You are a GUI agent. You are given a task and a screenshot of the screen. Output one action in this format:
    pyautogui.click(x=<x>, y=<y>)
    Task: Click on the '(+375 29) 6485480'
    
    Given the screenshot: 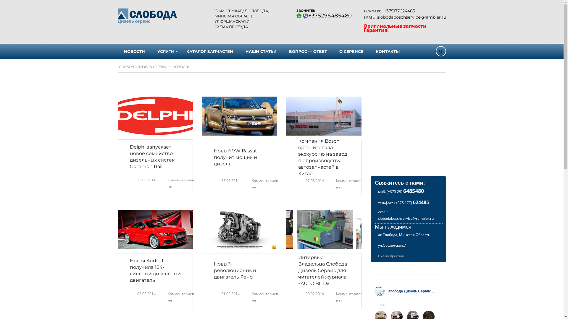 What is the action you would take?
    pyautogui.click(x=386, y=191)
    